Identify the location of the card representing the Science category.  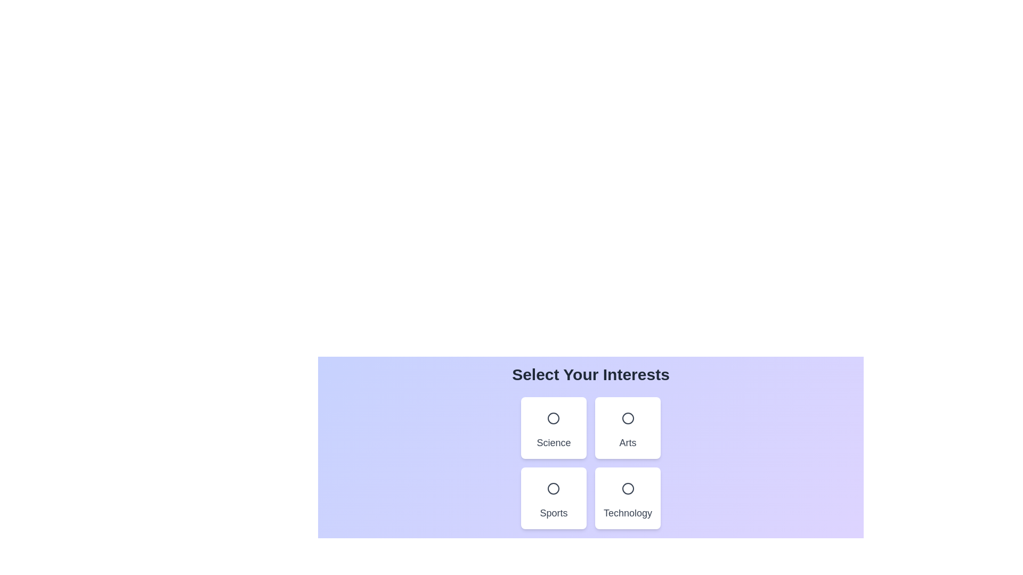
(554, 427).